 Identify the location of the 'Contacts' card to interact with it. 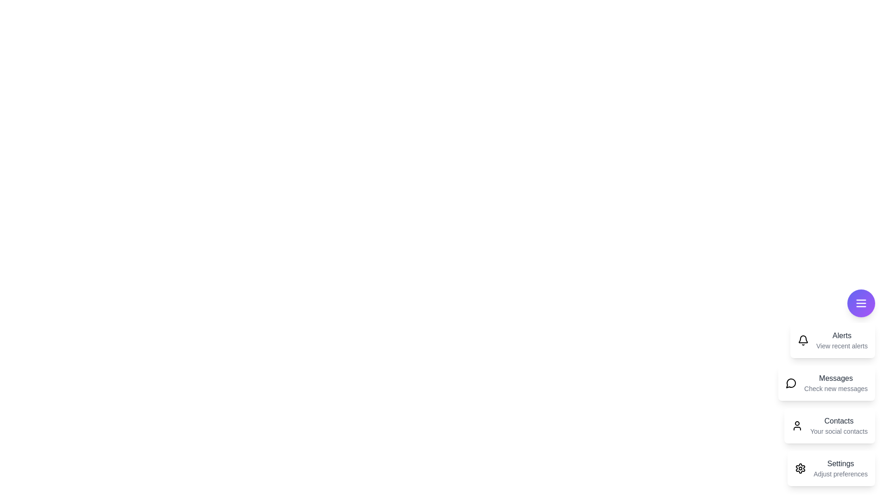
(839, 426).